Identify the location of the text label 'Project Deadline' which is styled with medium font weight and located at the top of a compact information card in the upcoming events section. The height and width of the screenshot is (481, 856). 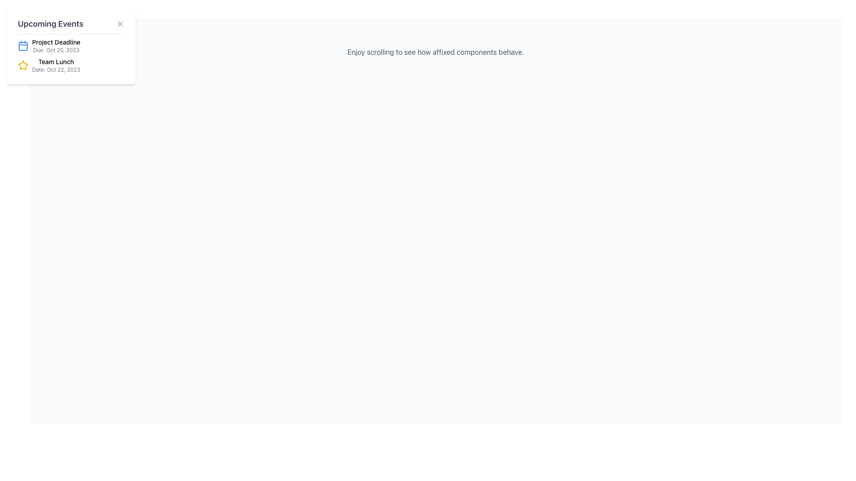
(56, 42).